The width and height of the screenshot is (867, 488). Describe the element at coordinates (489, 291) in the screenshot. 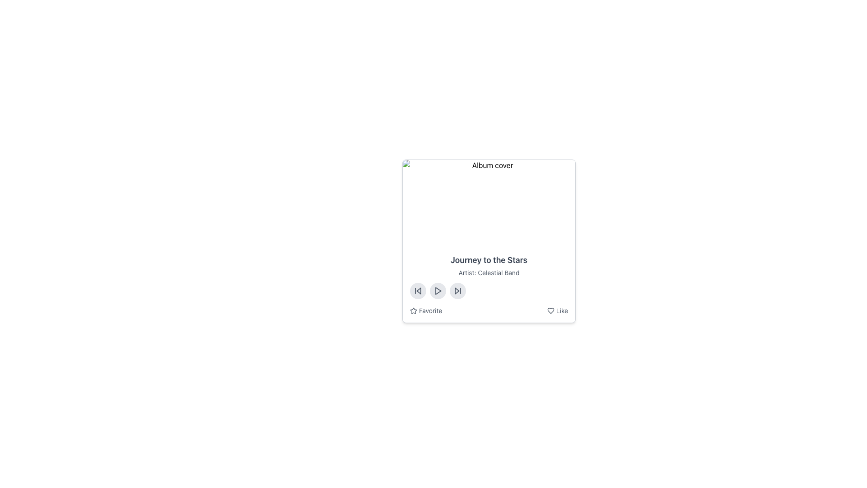

I see `the control bar for media playback located below the text 'Artist: Celestial Band'` at that location.